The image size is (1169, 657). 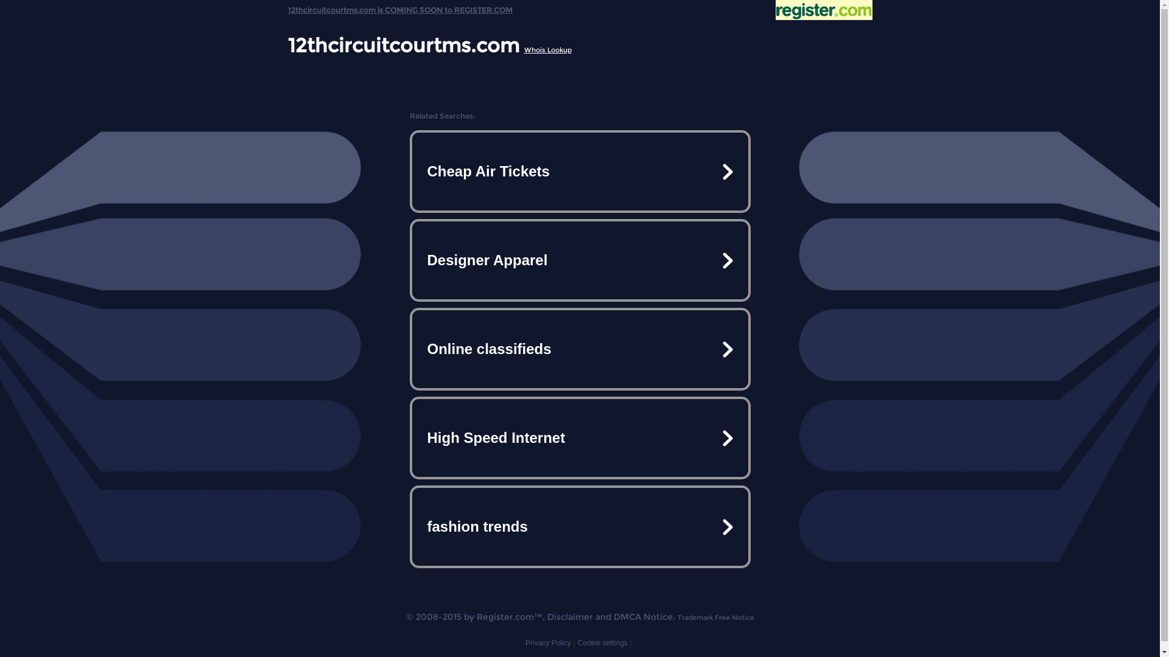 I want to click on 'Whois Lookup', so click(x=546, y=49).